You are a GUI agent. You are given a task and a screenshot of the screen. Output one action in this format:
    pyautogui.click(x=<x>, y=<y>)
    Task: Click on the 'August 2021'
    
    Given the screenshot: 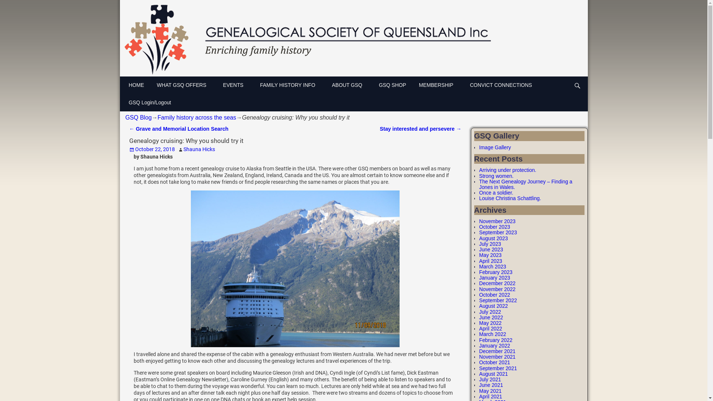 What is the action you would take?
    pyautogui.click(x=479, y=374)
    